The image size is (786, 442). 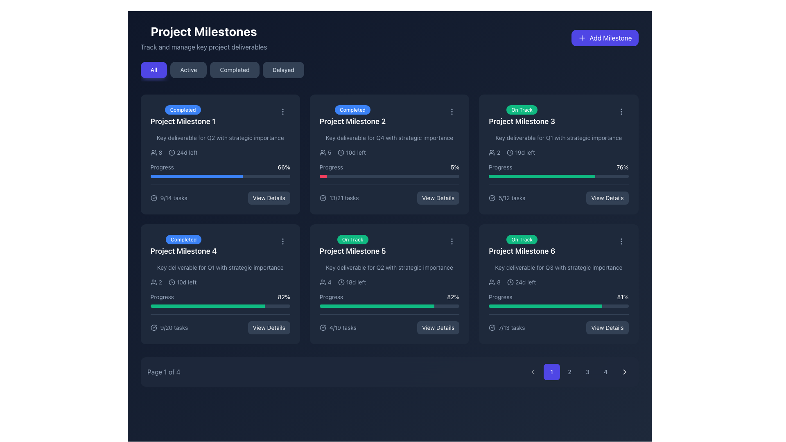 What do you see at coordinates (220, 306) in the screenshot?
I see `the Progress Bar located within the card labeled 'Project Milestone 4' in the second row, first column of the grid layout, which visually represents 82% completion of the task` at bounding box center [220, 306].